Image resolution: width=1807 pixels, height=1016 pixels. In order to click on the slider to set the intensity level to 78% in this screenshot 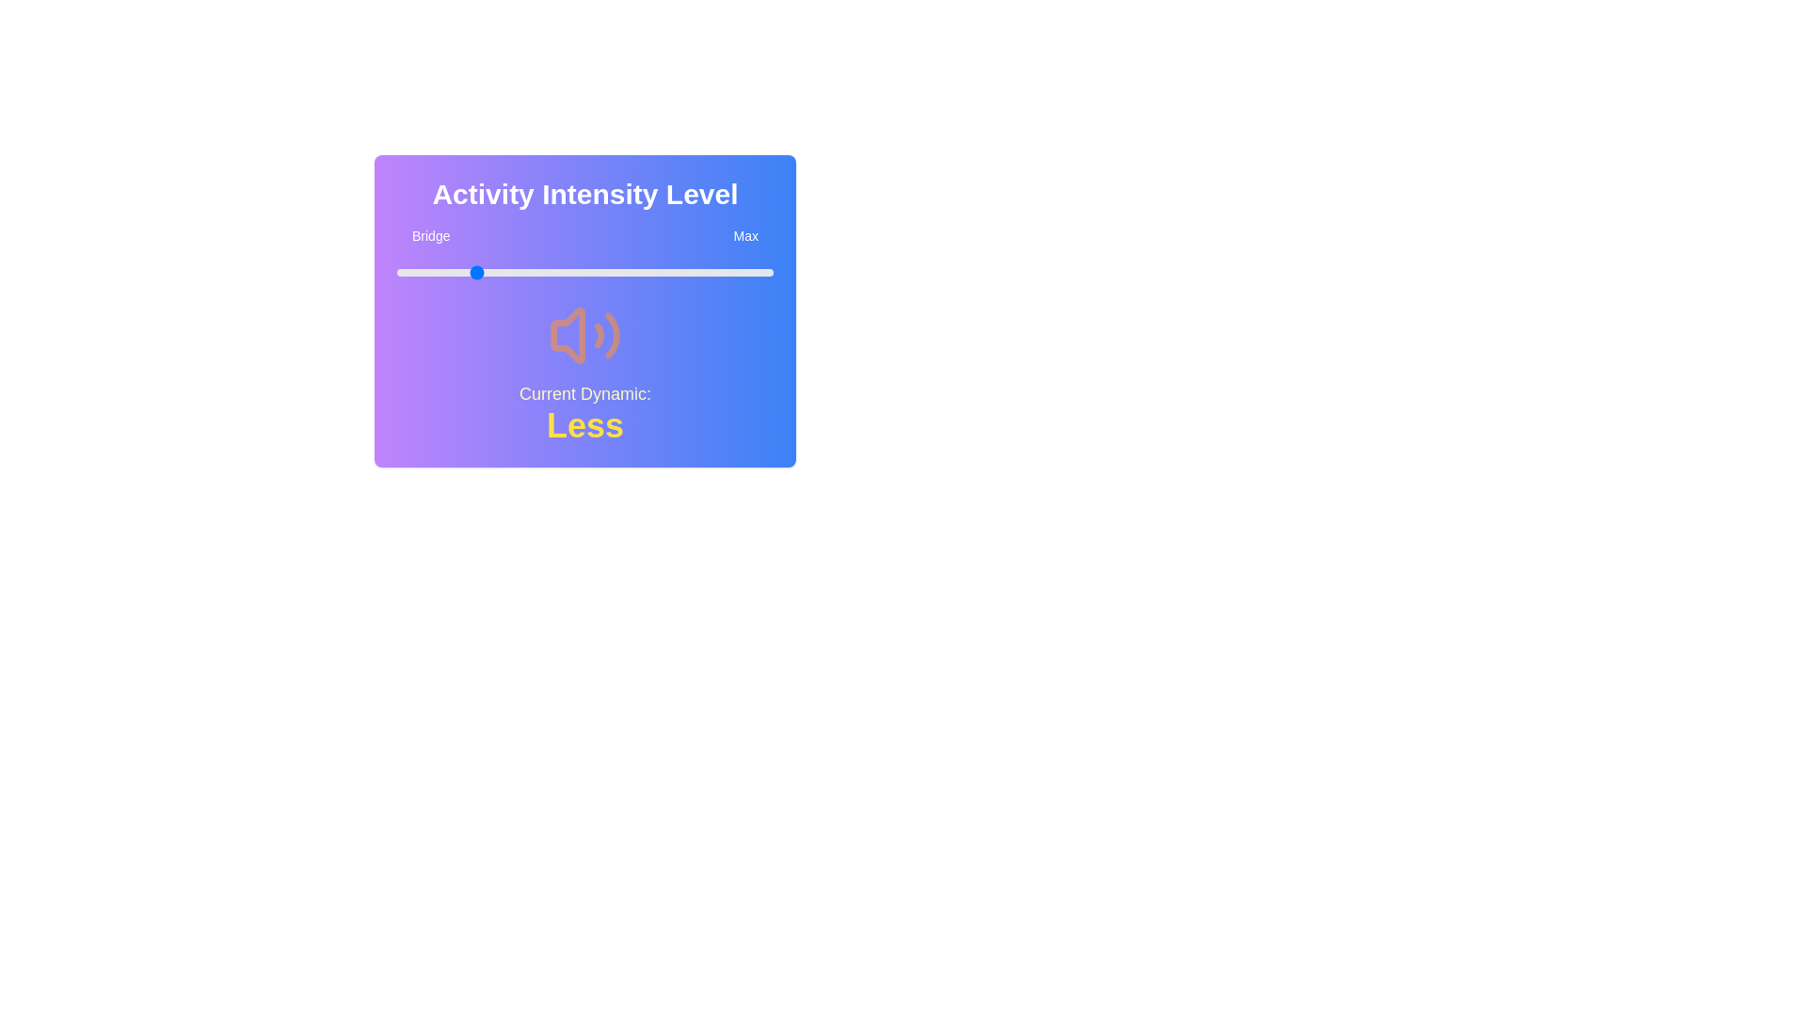, I will do `click(690, 272)`.